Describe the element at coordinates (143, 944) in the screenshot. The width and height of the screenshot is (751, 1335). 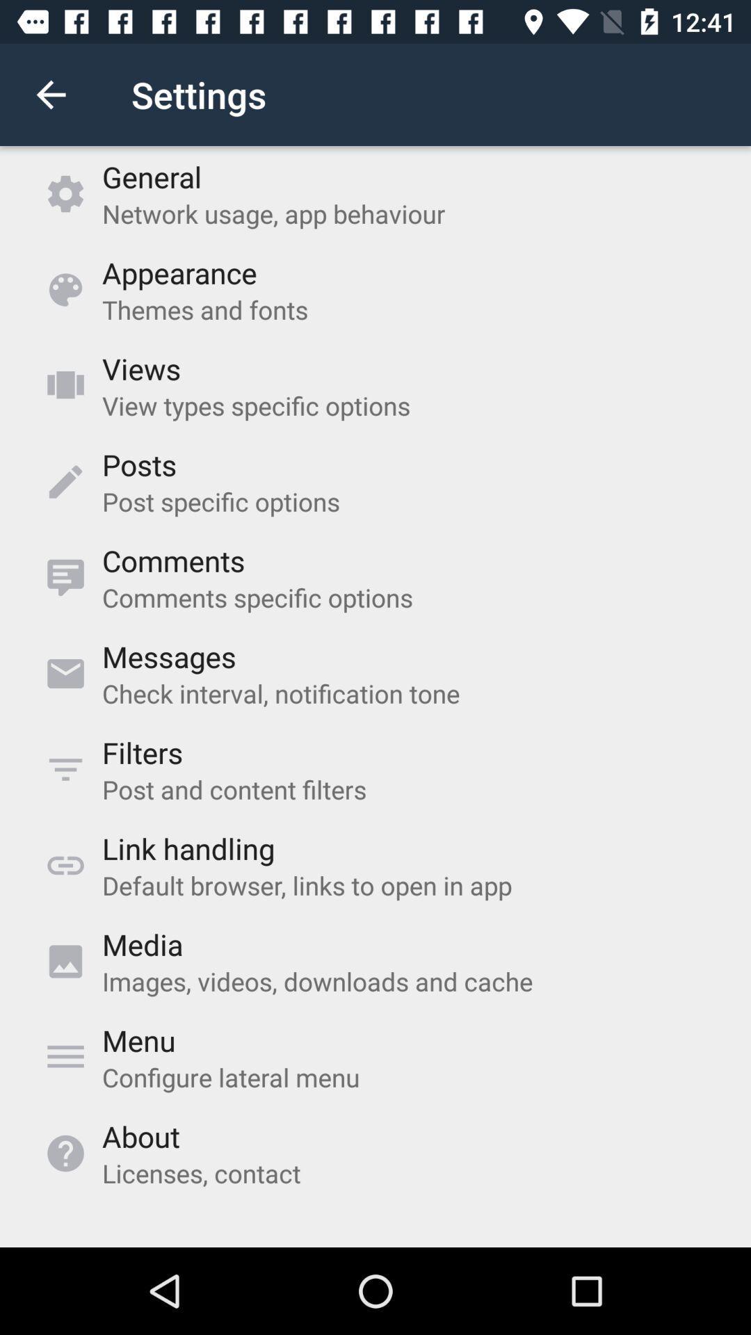
I see `media item` at that location.